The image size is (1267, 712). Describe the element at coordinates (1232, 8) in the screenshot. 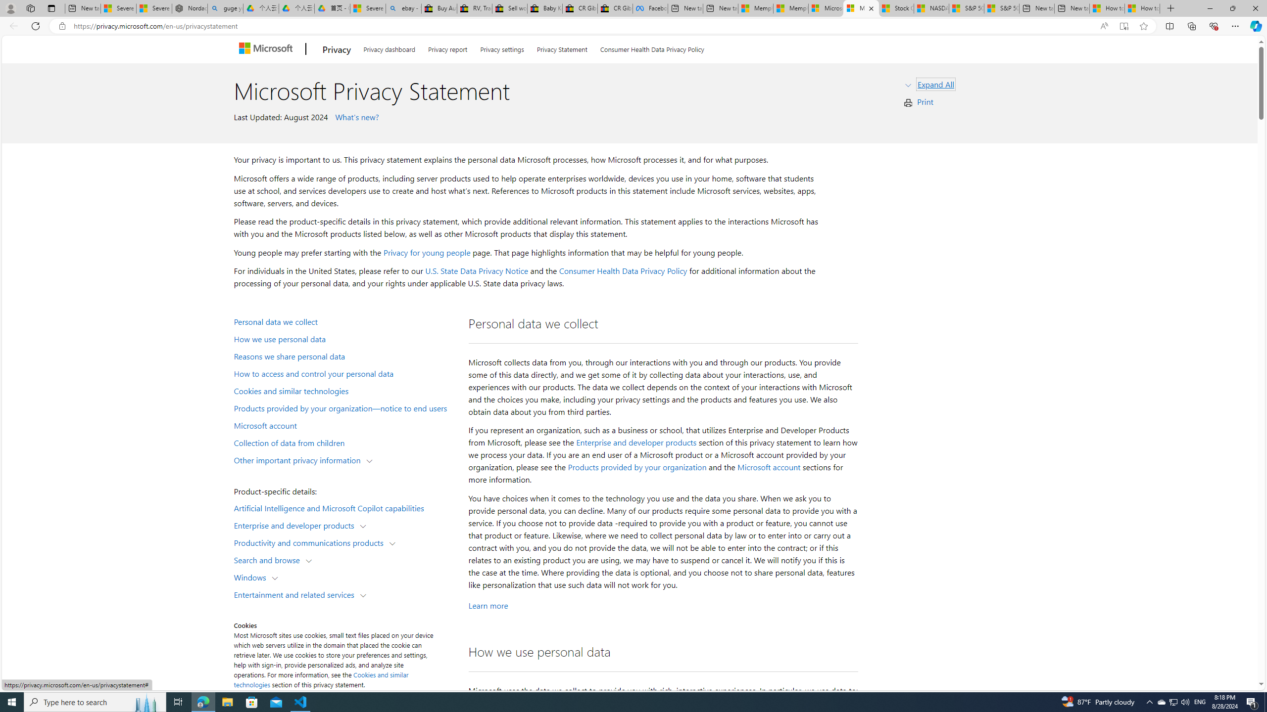

I see `'Restore'` at that location.